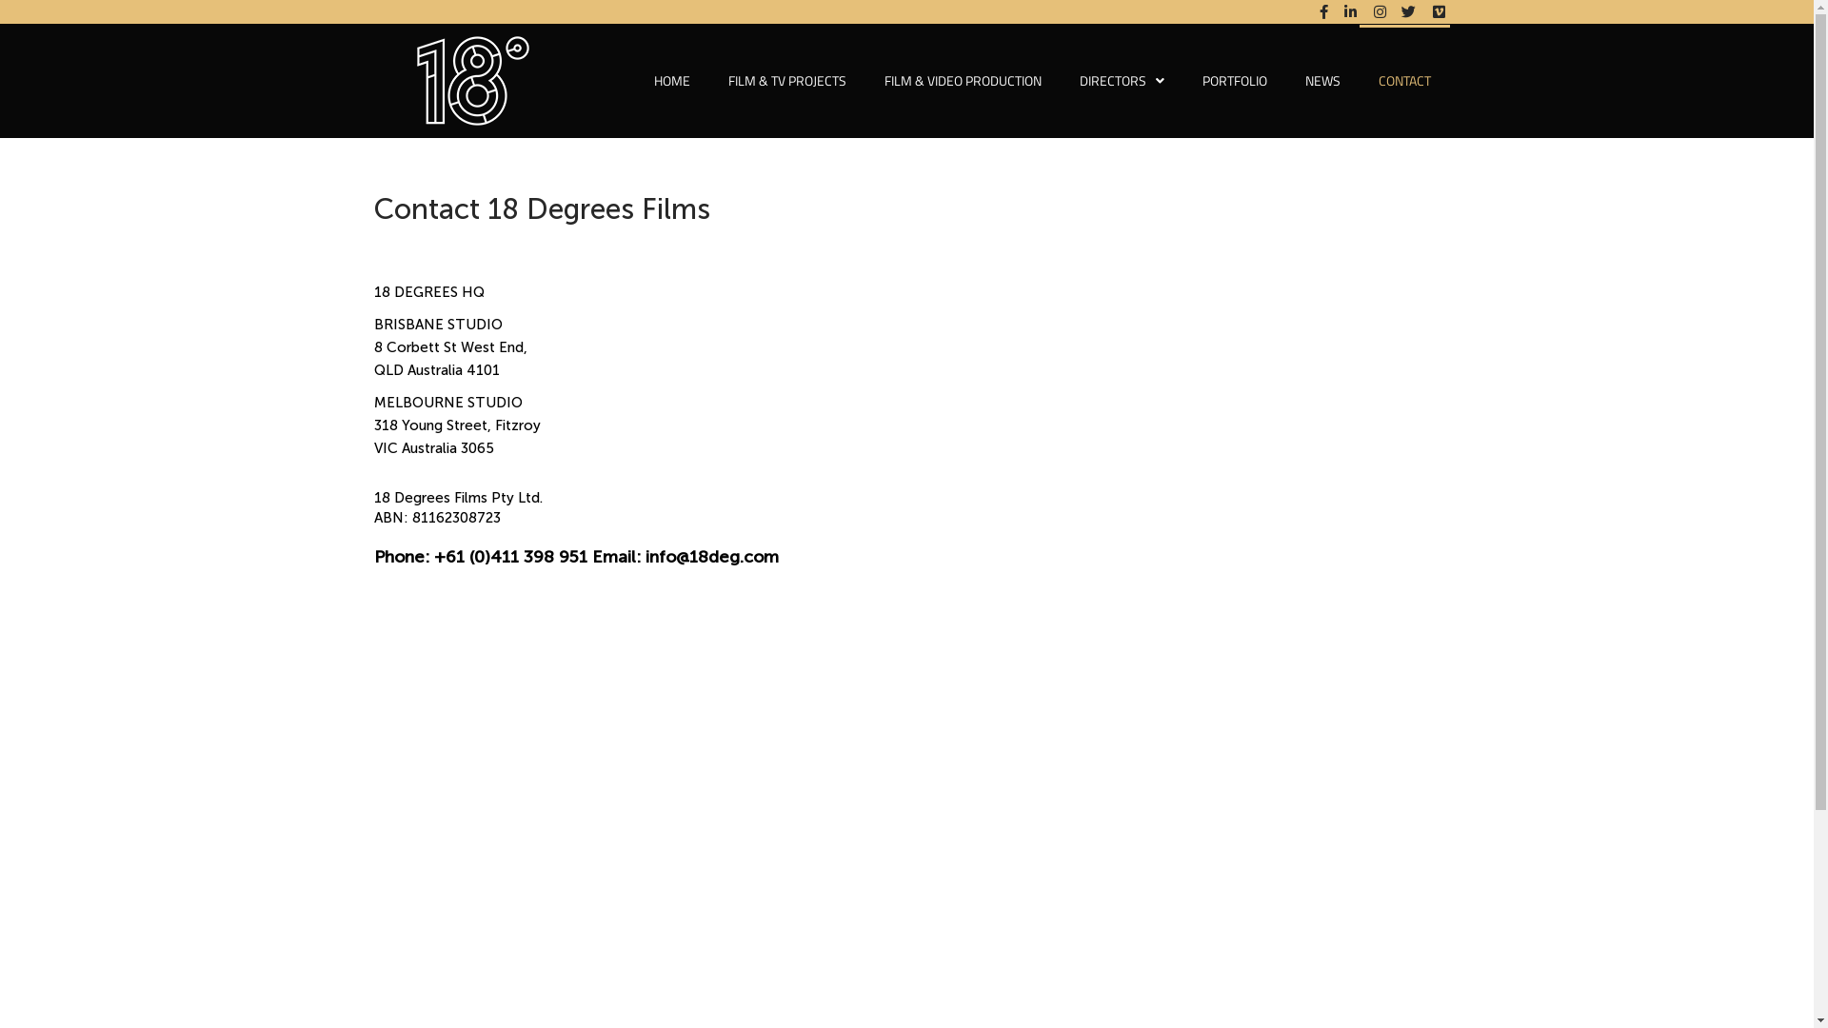  Describe the element at coordinates (1122, 79) in the screenshot. I see `'DIRECTORS'` at that location.